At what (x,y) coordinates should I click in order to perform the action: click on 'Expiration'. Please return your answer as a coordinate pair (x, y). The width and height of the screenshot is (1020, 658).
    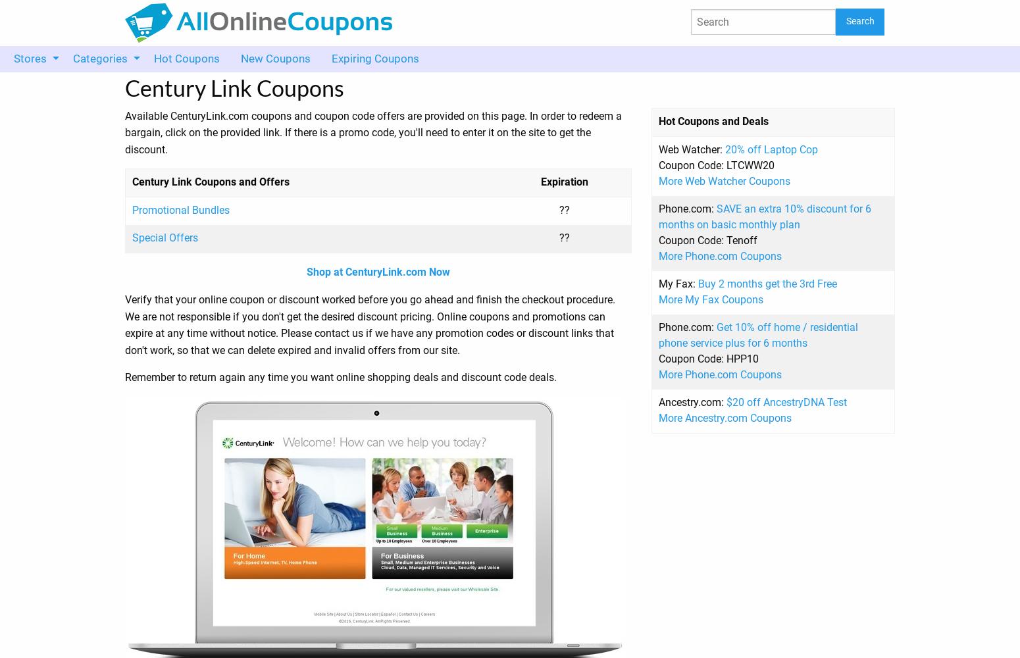
    Looking at the image, I should click on (564, 182).